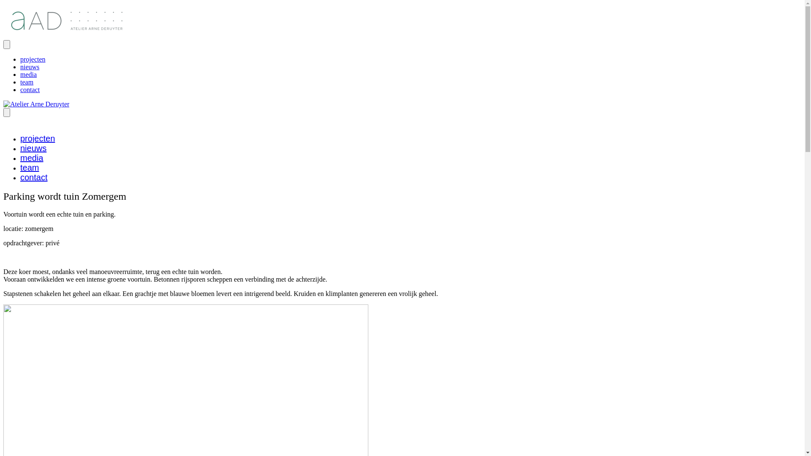 Image resolution: width=811 pixels, height=456 pixels. Describe the element at coordinates (20, 74) in the screenshot. I see `'media'` at that location.